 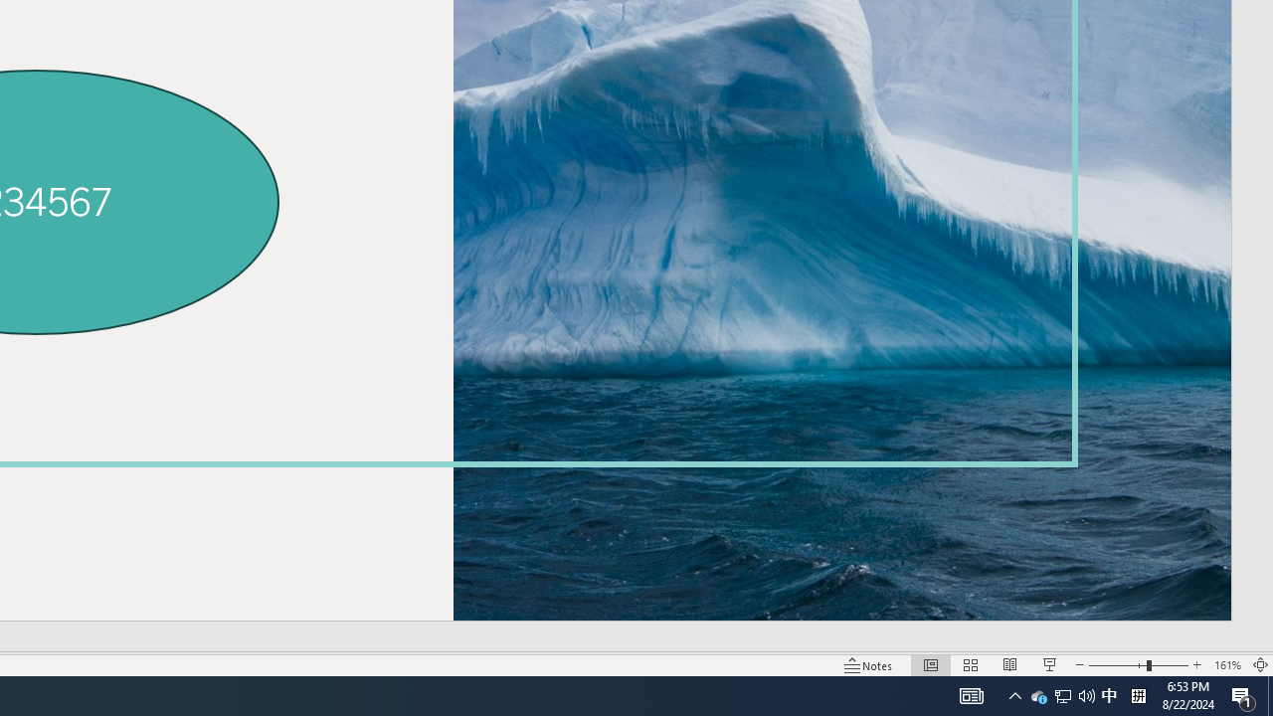 What do you see at coordinates (1117, 665) in the screenshot?
I see `'Zoom Out'` at bounding box center [1117, 665].